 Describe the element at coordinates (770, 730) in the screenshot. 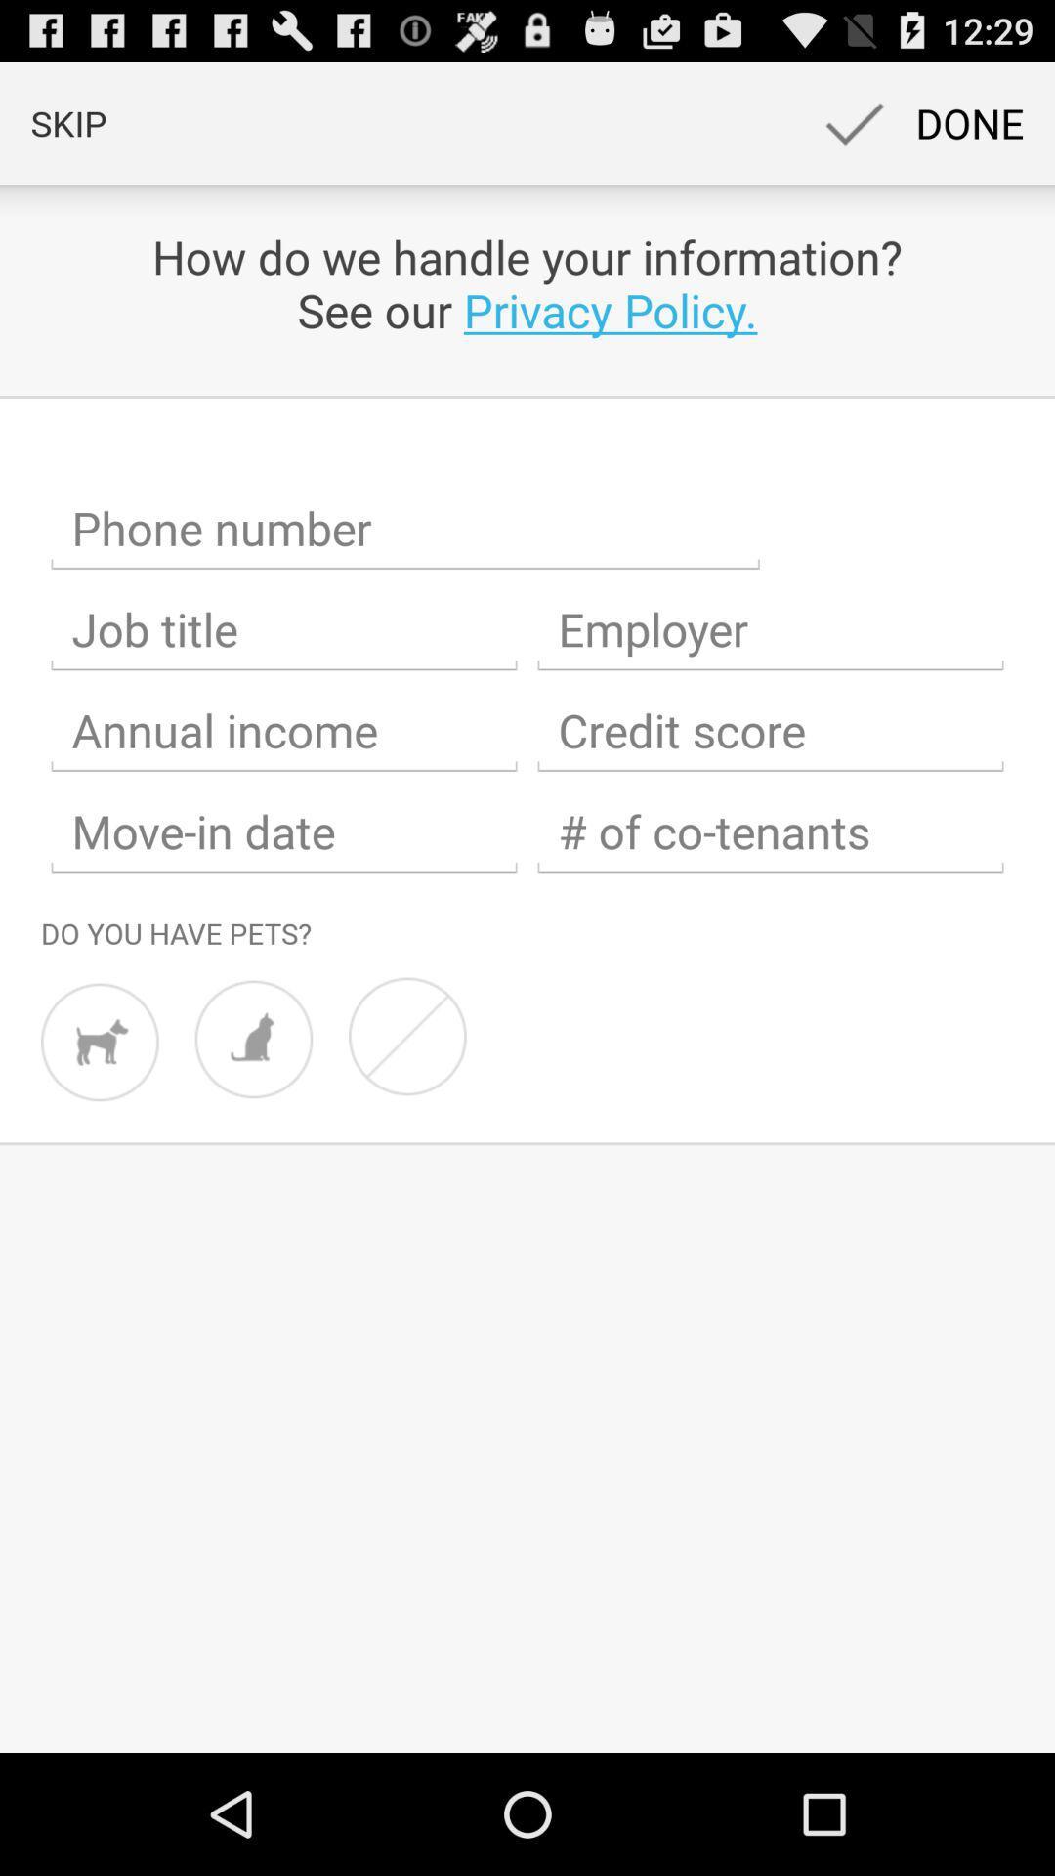

I see `view/show credit score` at that location.